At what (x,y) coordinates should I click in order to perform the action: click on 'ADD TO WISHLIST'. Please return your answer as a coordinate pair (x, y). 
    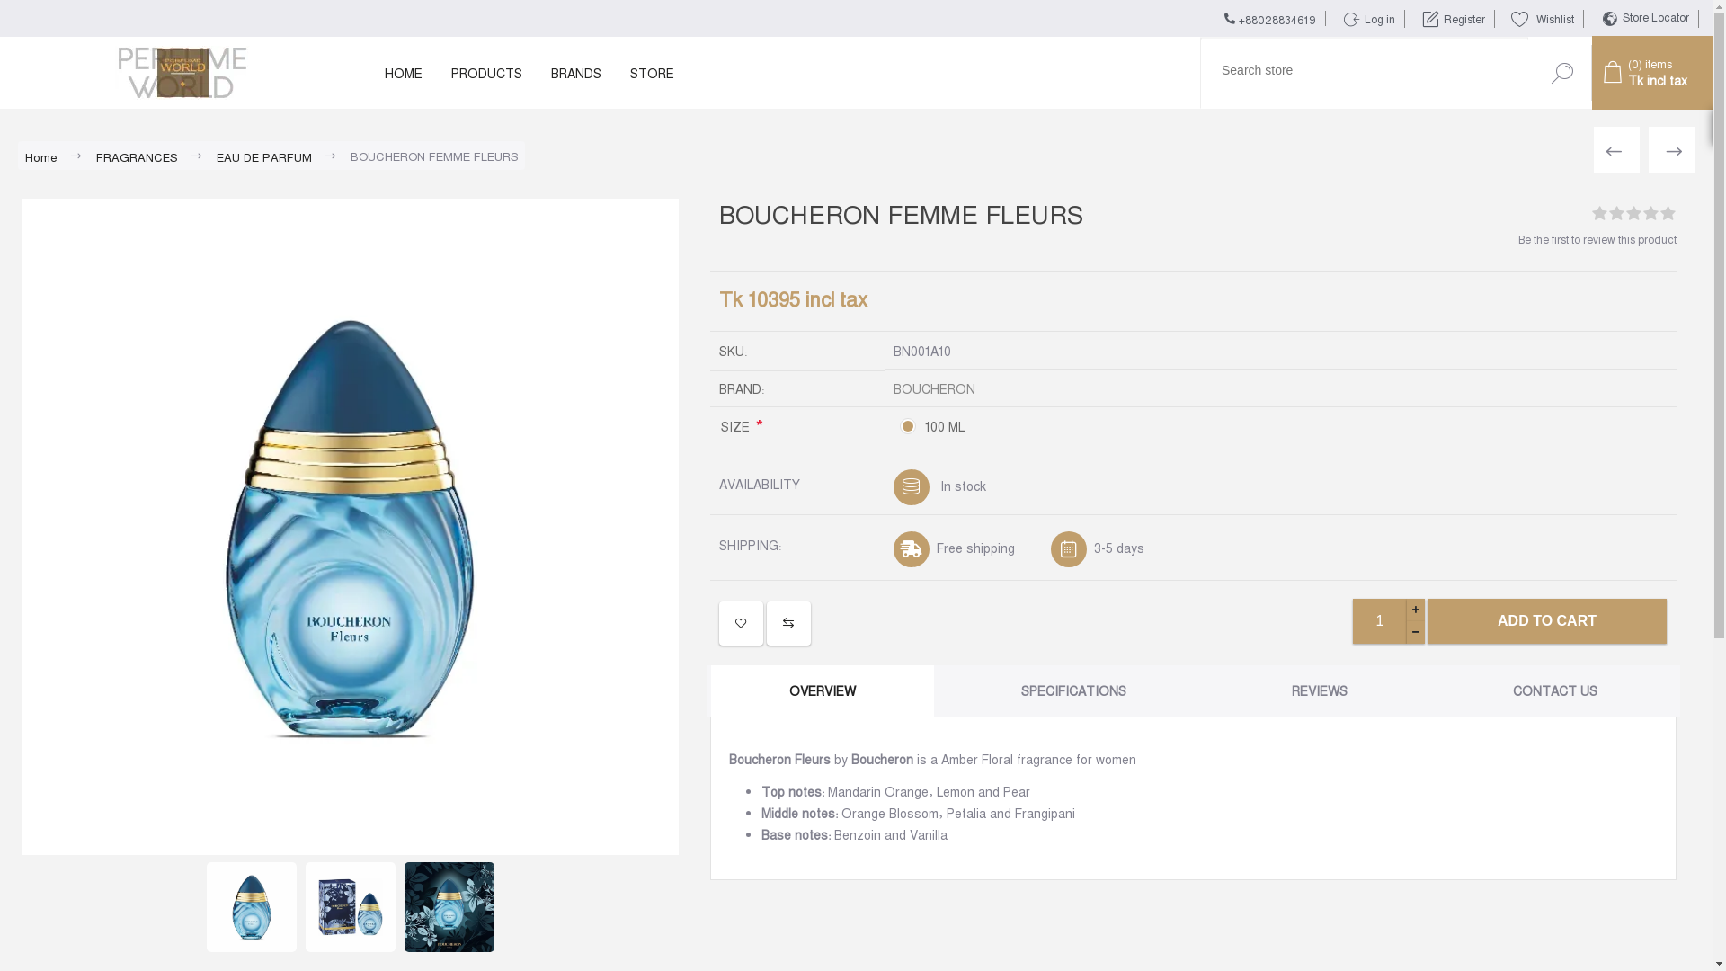
    Looking at the image, I should click on (741, 622).